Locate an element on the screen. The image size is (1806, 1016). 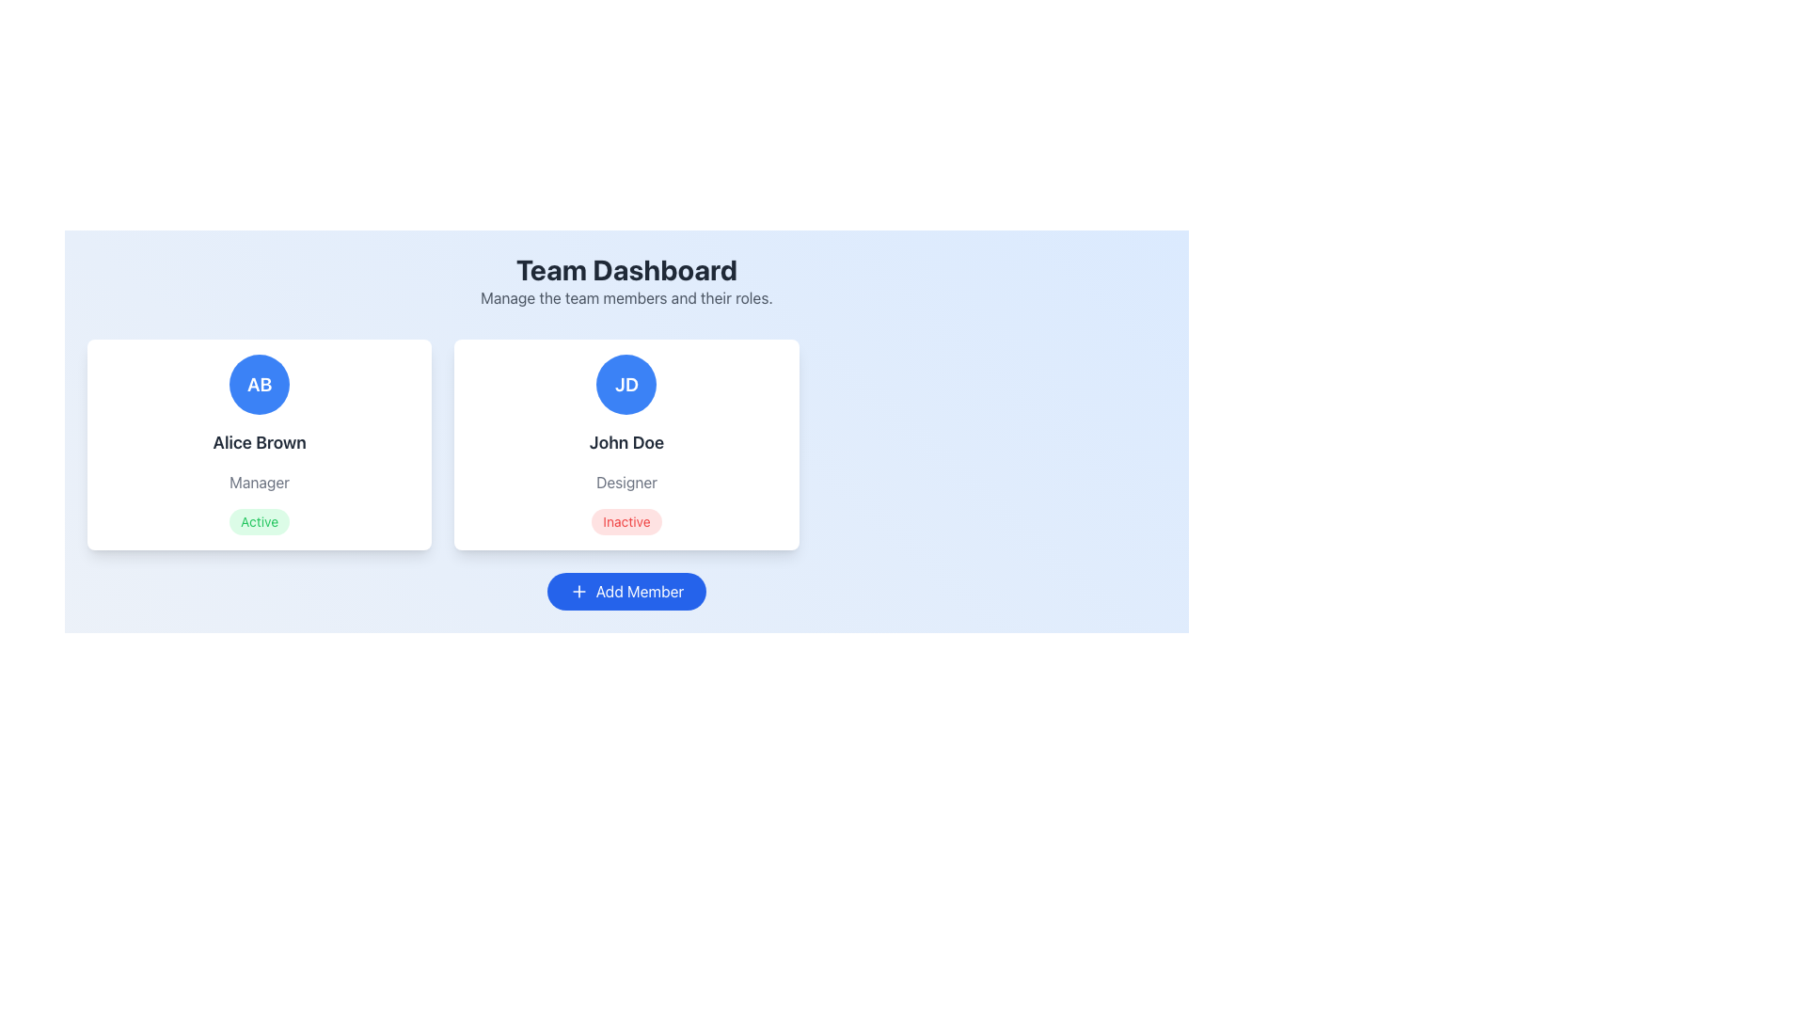
the text 'Add Member' located within a blue rounded button at the bottom center of the interface to possibly see a tooltip is located at coordinates (640, 590).